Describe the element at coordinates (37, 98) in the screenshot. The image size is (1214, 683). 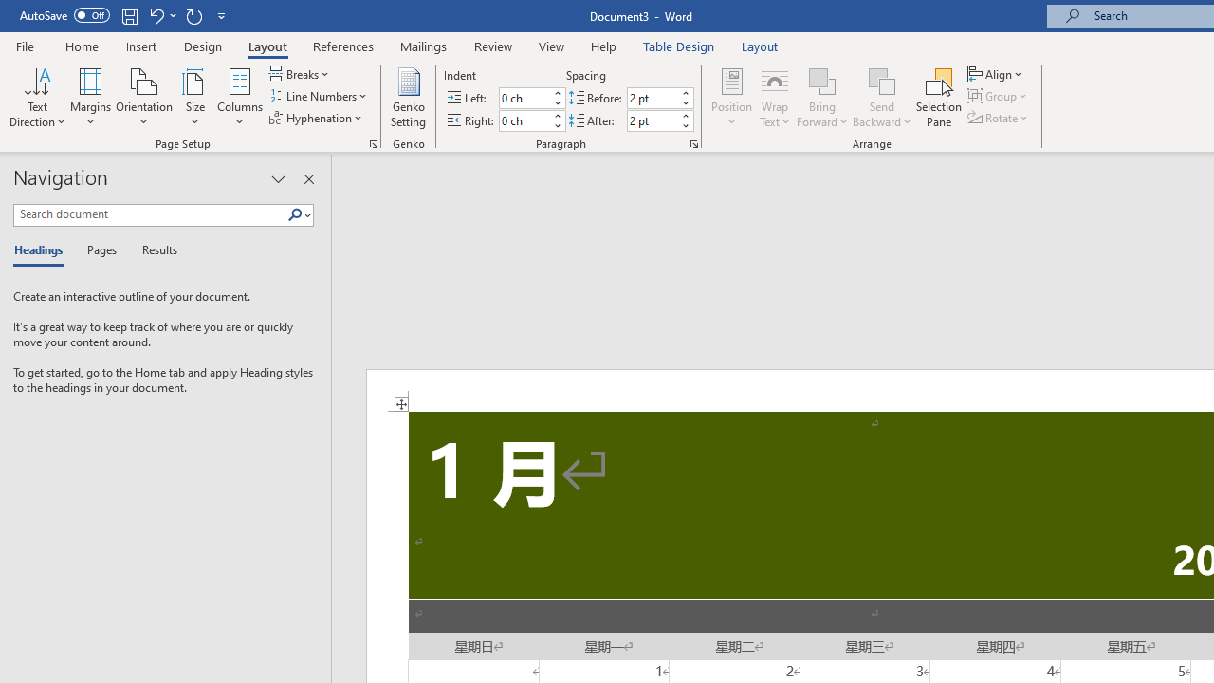
I see `'Text Direction'` at that location.